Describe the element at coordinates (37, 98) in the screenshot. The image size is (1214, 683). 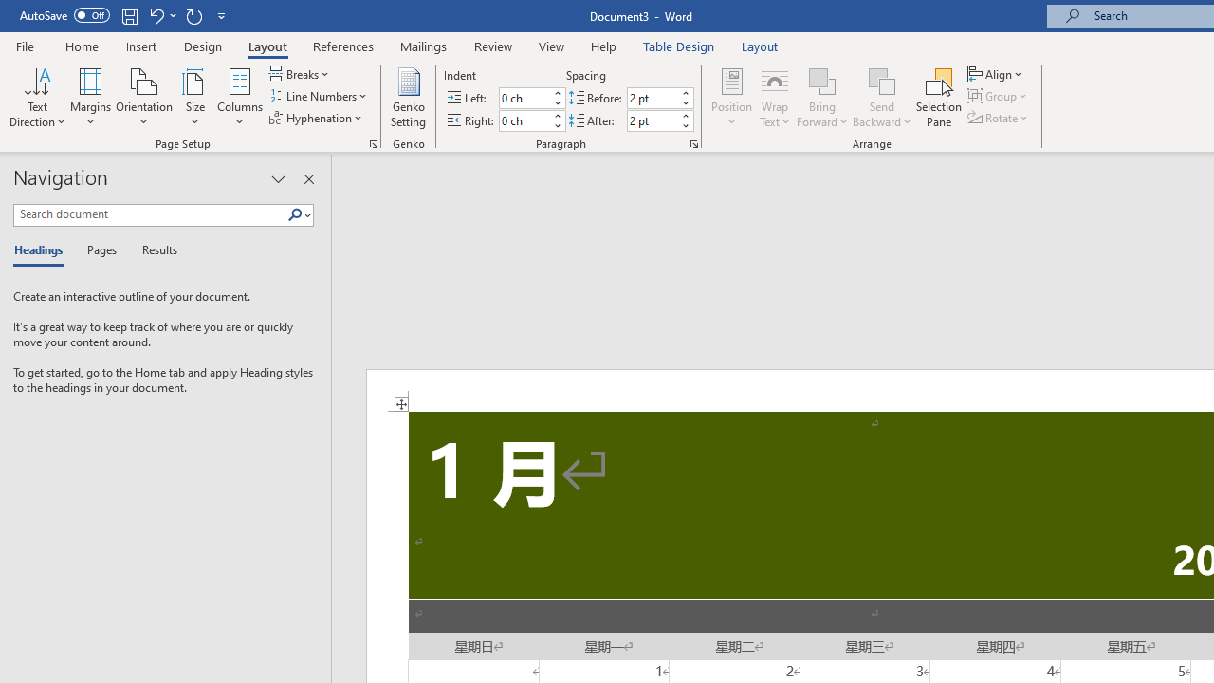
I see `'Text Direction'` at that location.